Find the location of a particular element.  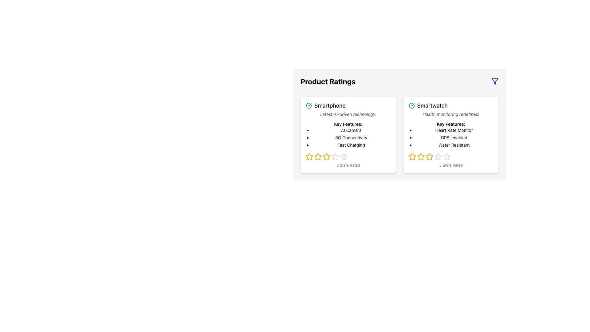

the triangular funnel-like filter icon located in the top-right corner of the smartwatch details card is located at coordinates (495, 81).